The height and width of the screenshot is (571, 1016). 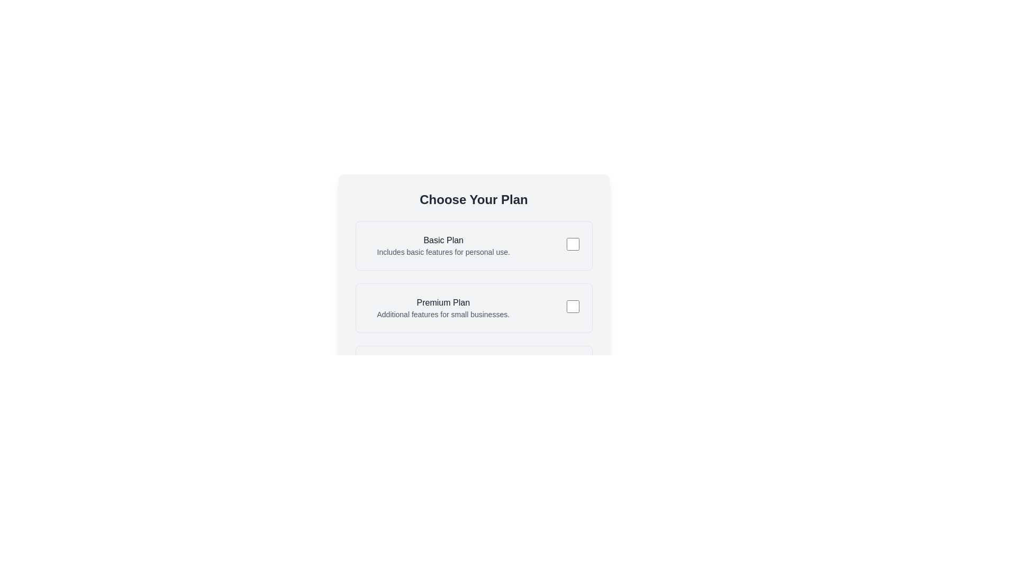 I want to click on the 'Premium Plan' title text label, which is located within the selection card below the 'Basic Plan' card, serving as the main title above the description text, so click(x=443, y=303).